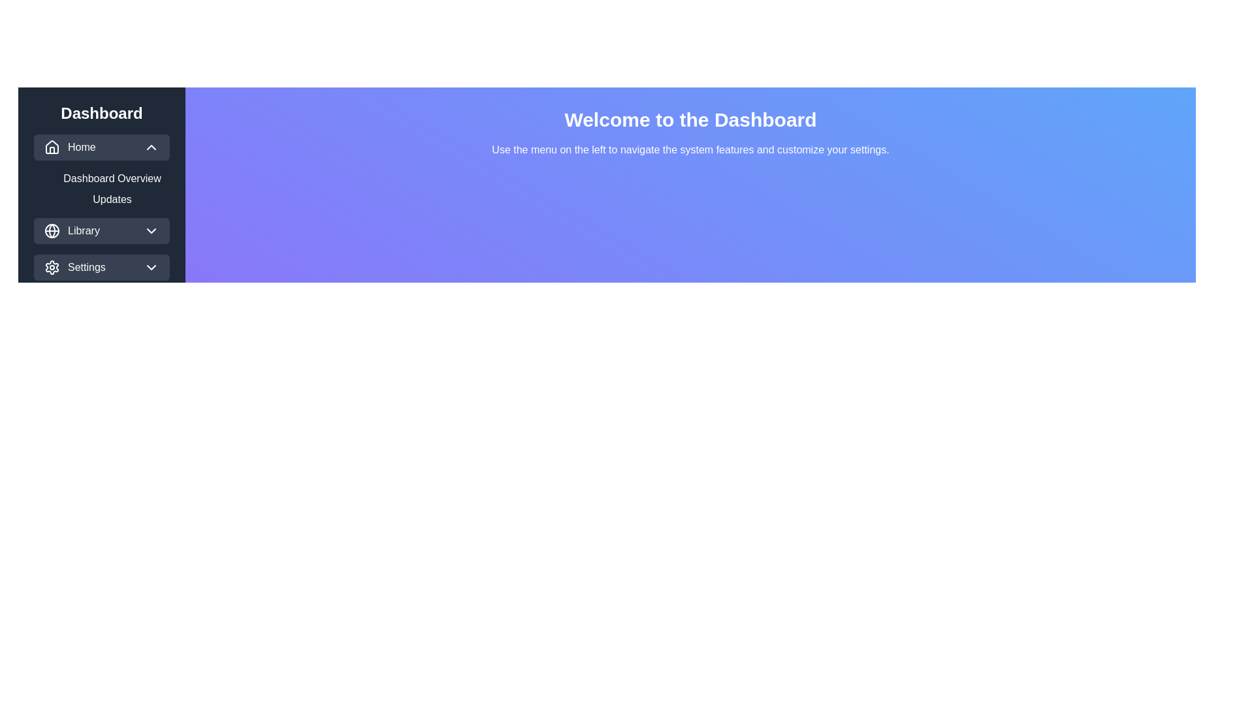 The width and height of the screenshot is (1254, 705). I want to click on the static text element that provides instructions for navigating the dashboard interface, located below the 'Welcome to the Dashboard' heading, so click(690, 149).